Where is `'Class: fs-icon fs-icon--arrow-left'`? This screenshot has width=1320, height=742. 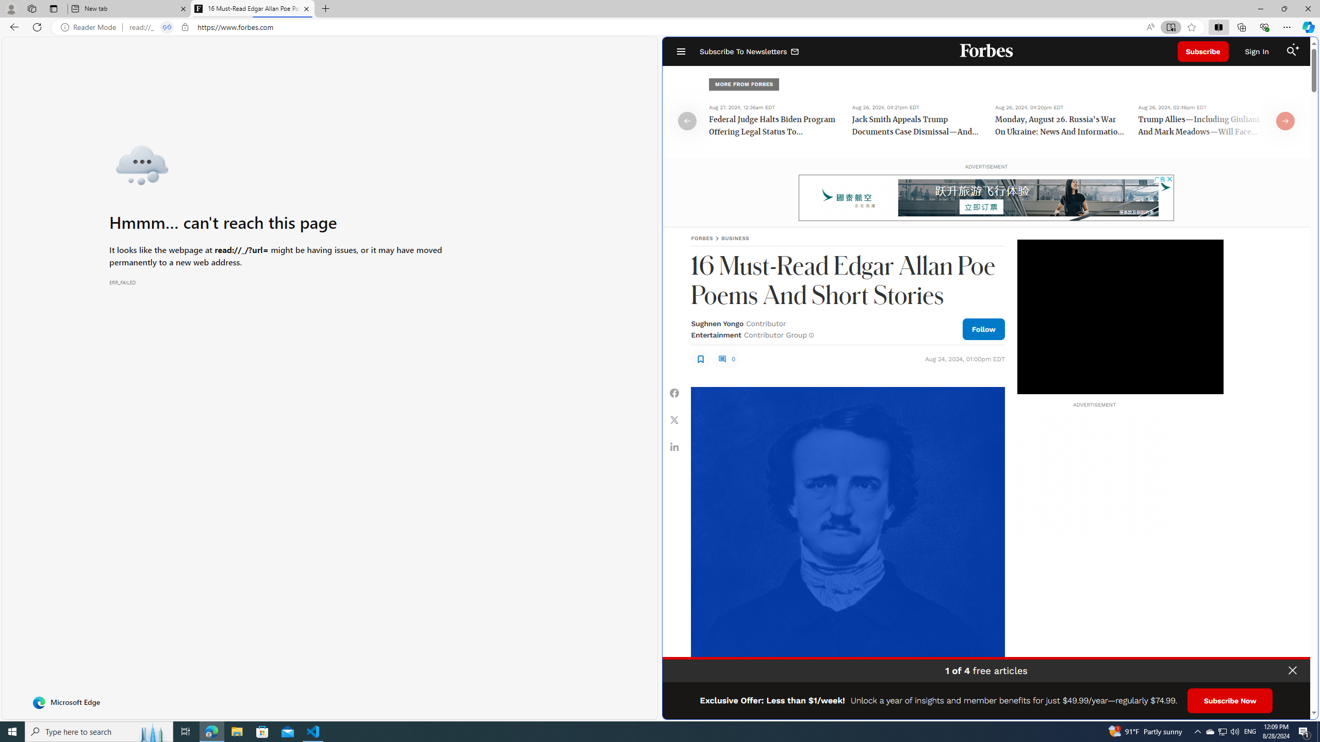
'Class: fs-icon fs-icon--arrow-left' is located at coordinates (687, 120).